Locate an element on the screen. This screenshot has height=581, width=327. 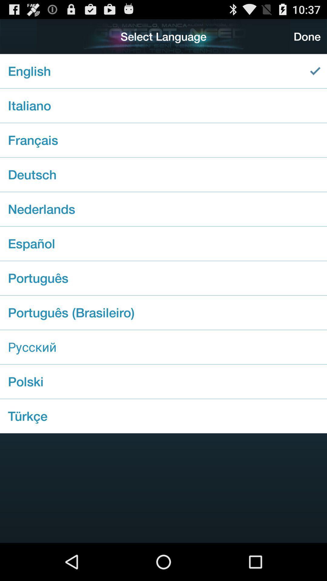
item below the polski checkbox is located at coordinates (163, 416).